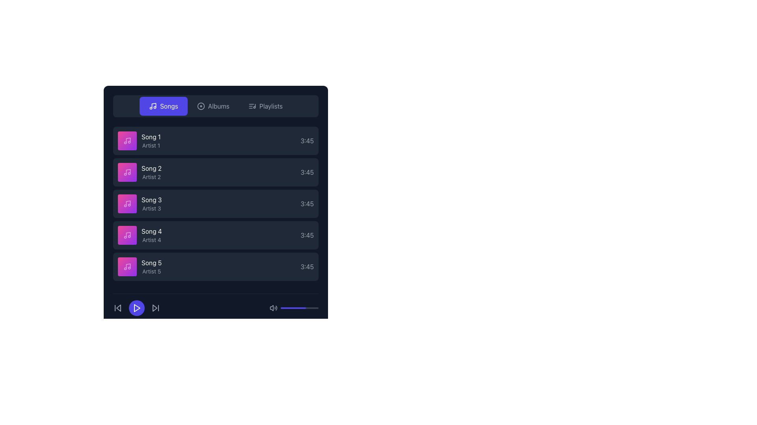  I want to click on the static text displaying '3:45' in gray font color, located in the rightmost section of the second item in the music playlist interface, so click(307, 172).